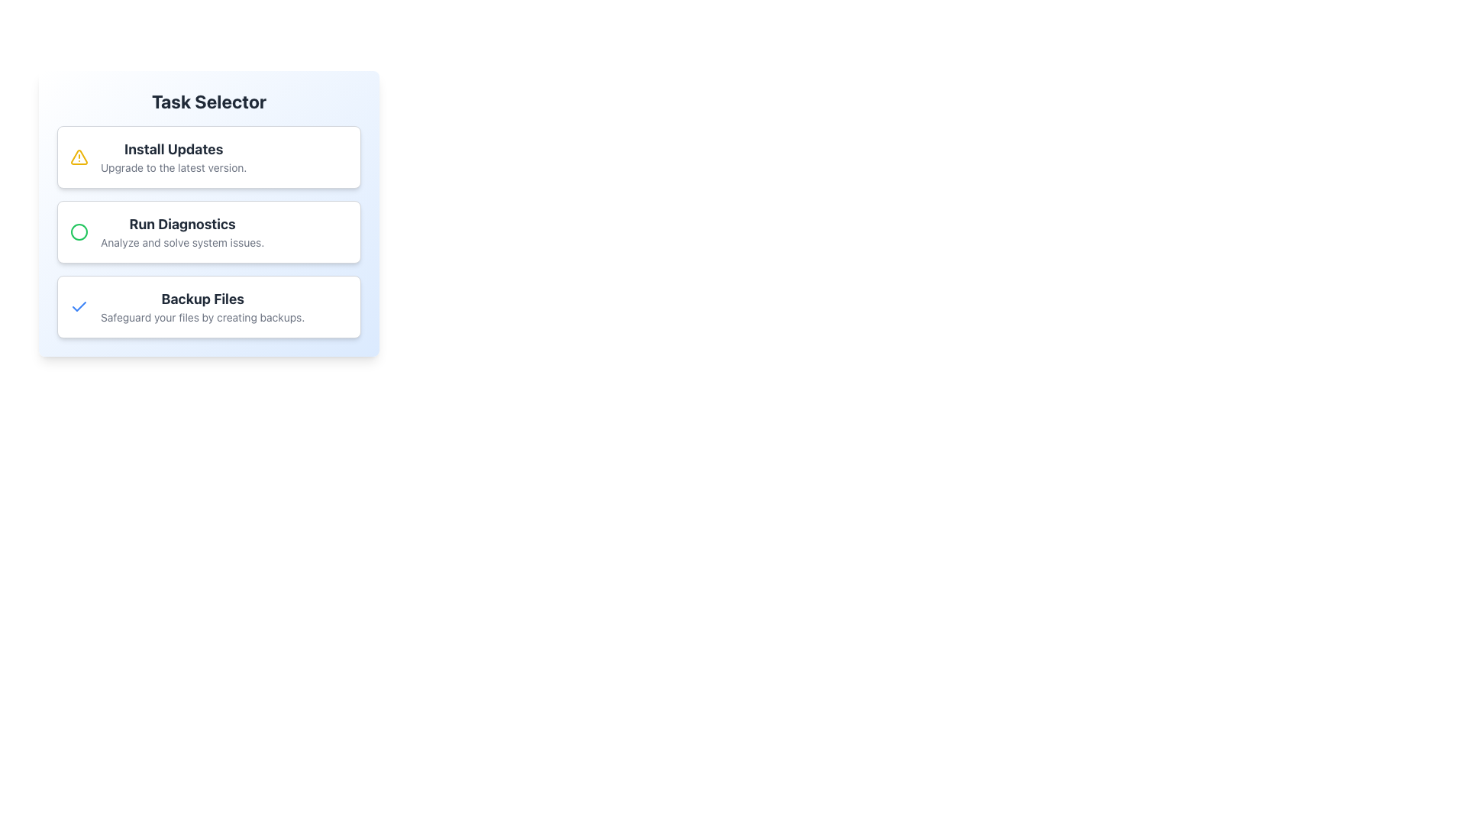 The image size is (1466, 825). What do you see at coordinates (79, 232) in the screenshot?
I see `the green circular icon located to the left of the 'Run Diagnostics' label in the task selection interface` at bounding box center [79, 232].